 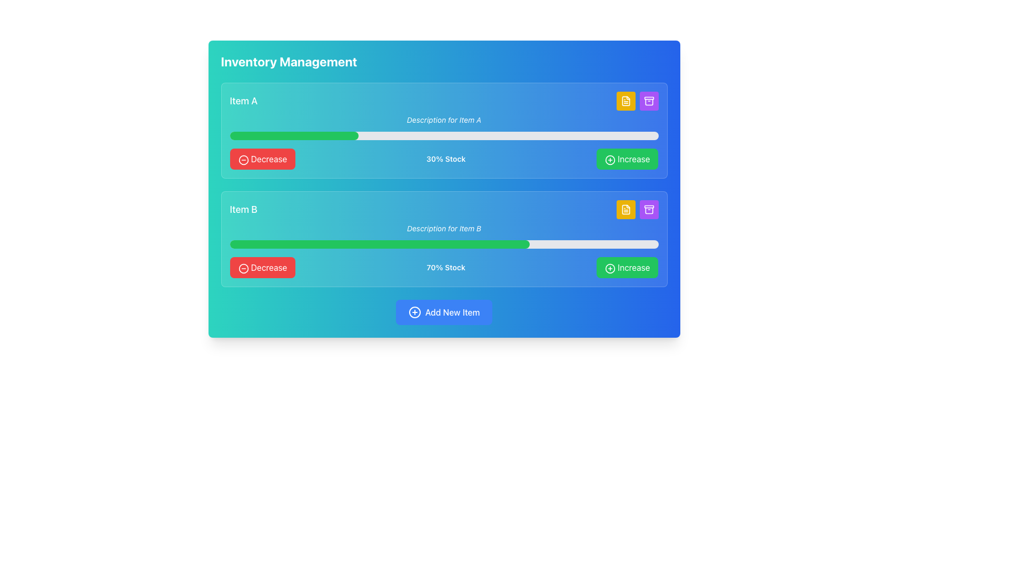 What do you see at coordinates (444, 135) in the screenshot?
I see `the progress bar located below the description text 'Description for Item A' and above the 'Decrease' and 'Increase' buttons, which visually indicates the percentage value of Item A's availability` at bounding box center [444, 135].